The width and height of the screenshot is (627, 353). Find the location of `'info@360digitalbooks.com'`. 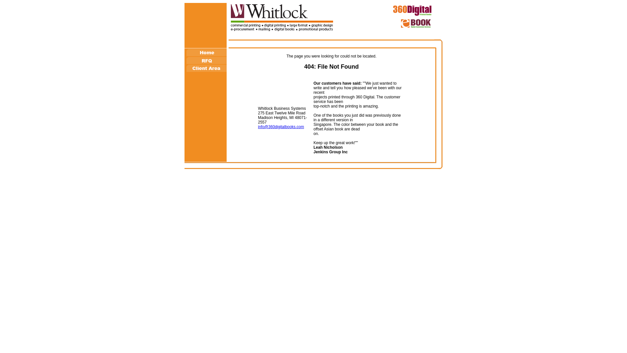

'info@360digitalbooks.com' is located at coordinates (281, 127).